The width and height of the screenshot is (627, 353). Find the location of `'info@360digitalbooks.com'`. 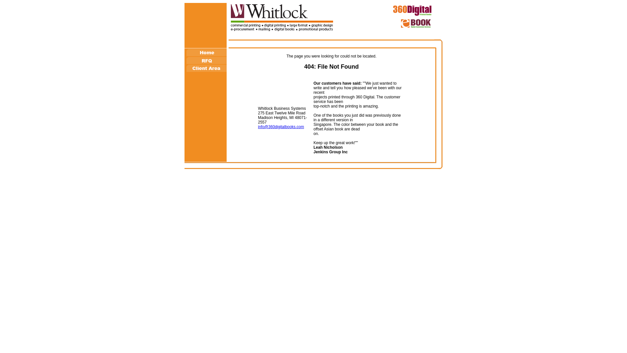

'info@360digitalbooks.com' is located at coordinates (281, 127).